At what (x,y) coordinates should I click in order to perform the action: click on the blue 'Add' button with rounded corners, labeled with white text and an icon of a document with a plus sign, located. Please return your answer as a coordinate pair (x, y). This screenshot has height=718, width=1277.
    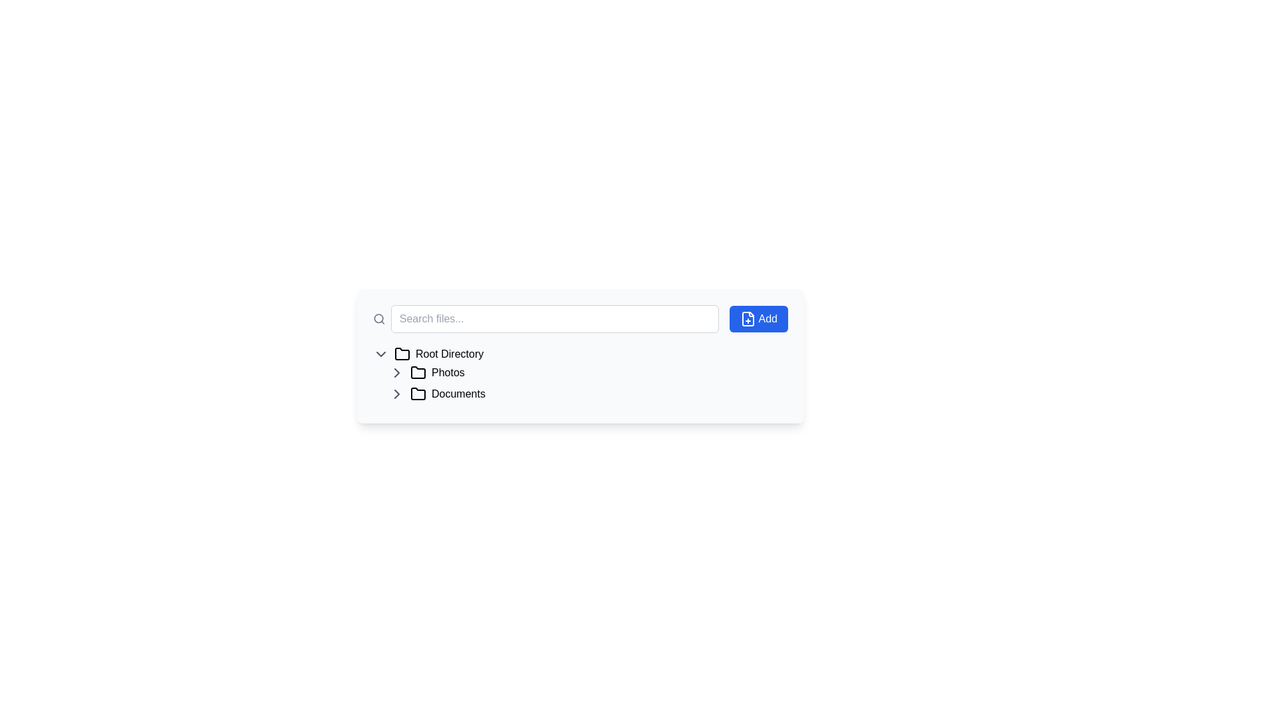
    Looking at the image, I should click on (758, 318).